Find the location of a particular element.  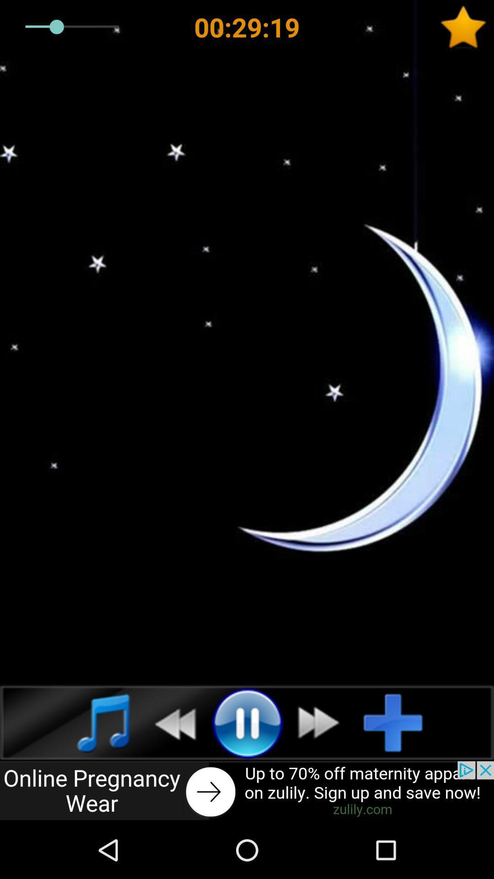

the music icon is located at coordinates (93, 722).